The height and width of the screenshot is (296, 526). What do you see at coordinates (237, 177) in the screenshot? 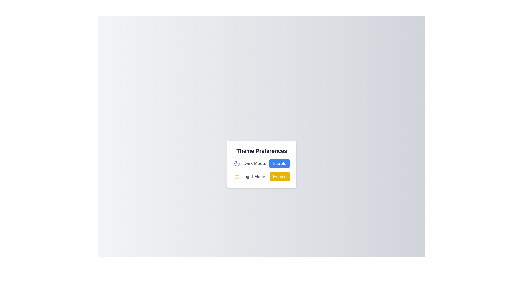
I see `the bright yellow sun icon located next to the 'Light Mode:' text in the Theme Preferences section` at bounding box center [237, 177].